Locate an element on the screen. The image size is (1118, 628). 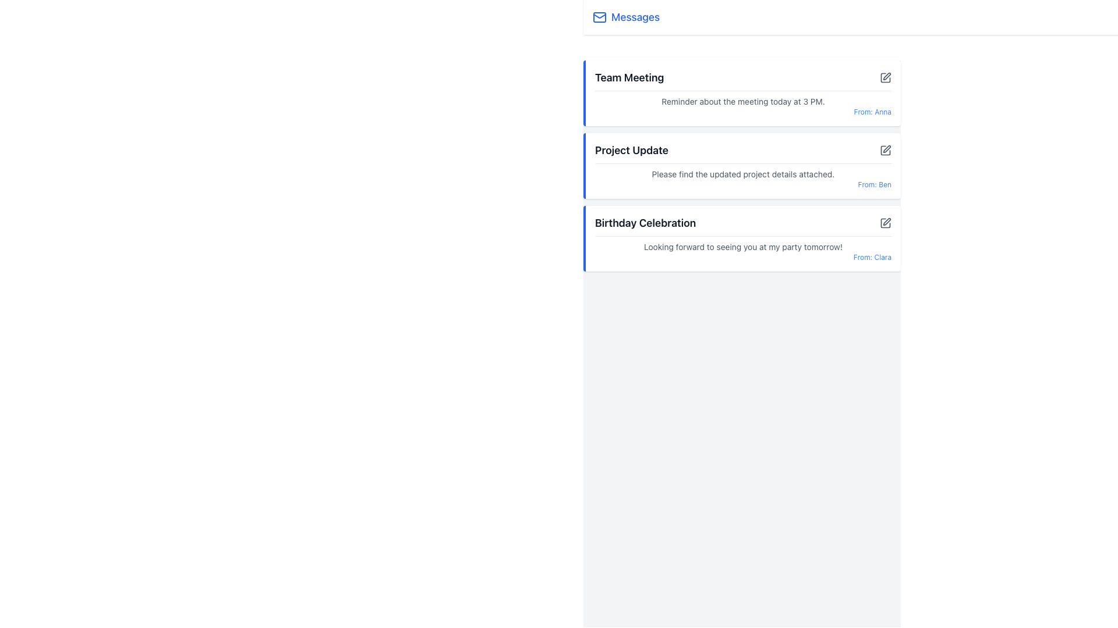
text label 'Team Meeting' which is prominently displayed in a large, bold font at the top of a card-like section is located at coordinates (629, 78).